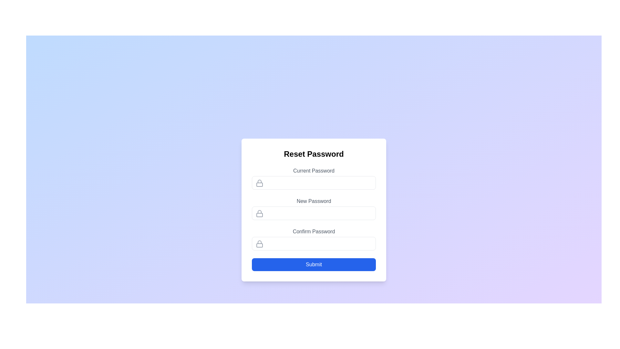 The height and width of the screenshot is (349, 620). Describe the element at coordinates (260, 183) in the screenshot. I see `the lock icon located inside the 'Current Password' input field, which is a gray lock-shaped icon positioned towards the left side of the field` at that location.